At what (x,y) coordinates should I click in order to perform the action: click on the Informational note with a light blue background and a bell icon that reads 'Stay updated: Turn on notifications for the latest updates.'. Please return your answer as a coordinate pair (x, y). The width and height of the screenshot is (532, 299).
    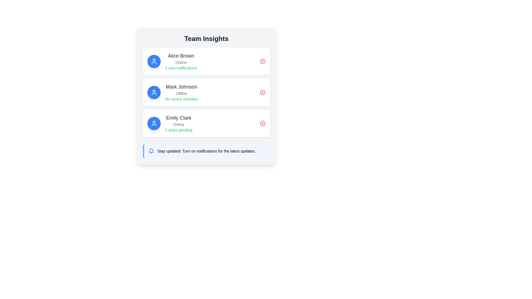
    Looking at the image, I should click on (206, 151).